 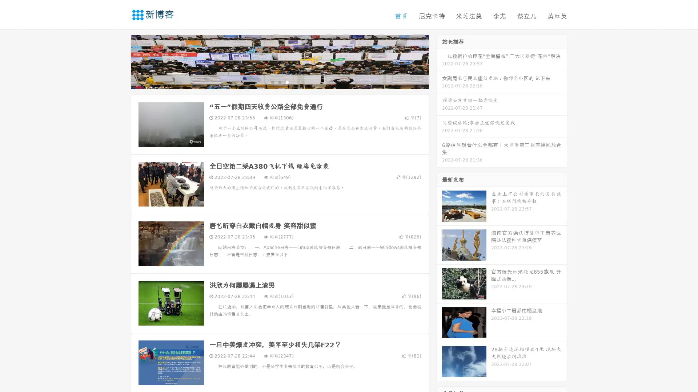 I want to click on Go to slide 3, so click(x=287, y=82).